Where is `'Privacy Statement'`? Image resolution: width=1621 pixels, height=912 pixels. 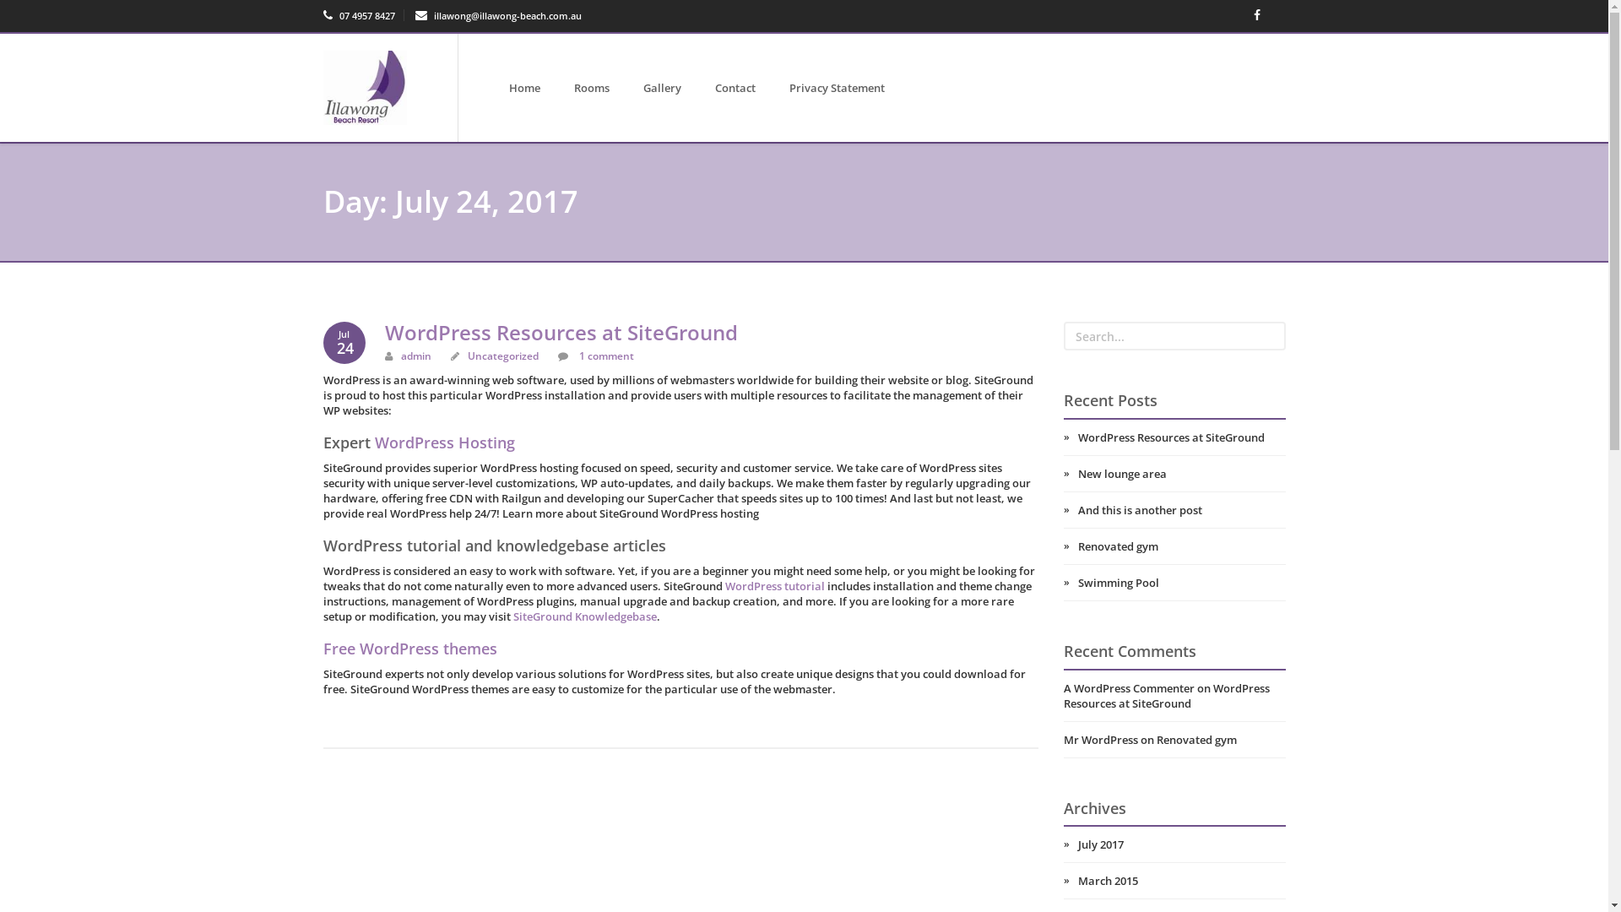 'Privacy Statement' is located at coordinates (837, 88).